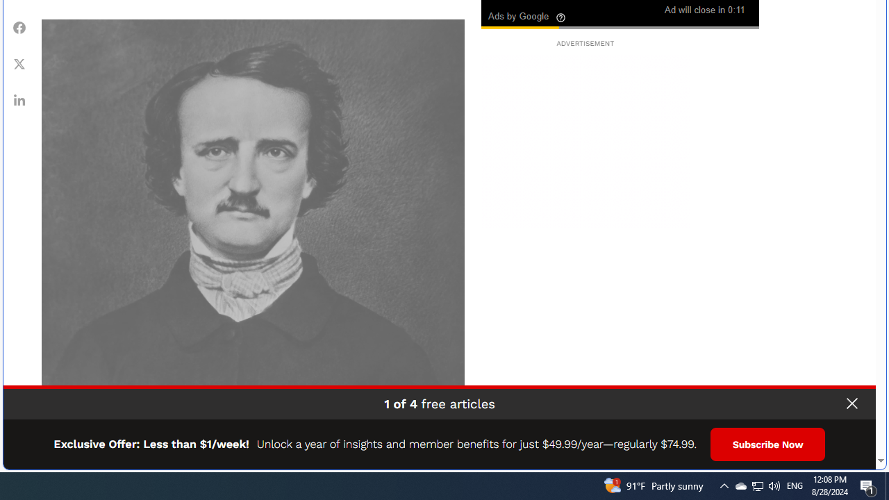  Describe the element at coordinates (561, 17) in the screenshot. I see `'Class: wtaIconSvg'` at that location.